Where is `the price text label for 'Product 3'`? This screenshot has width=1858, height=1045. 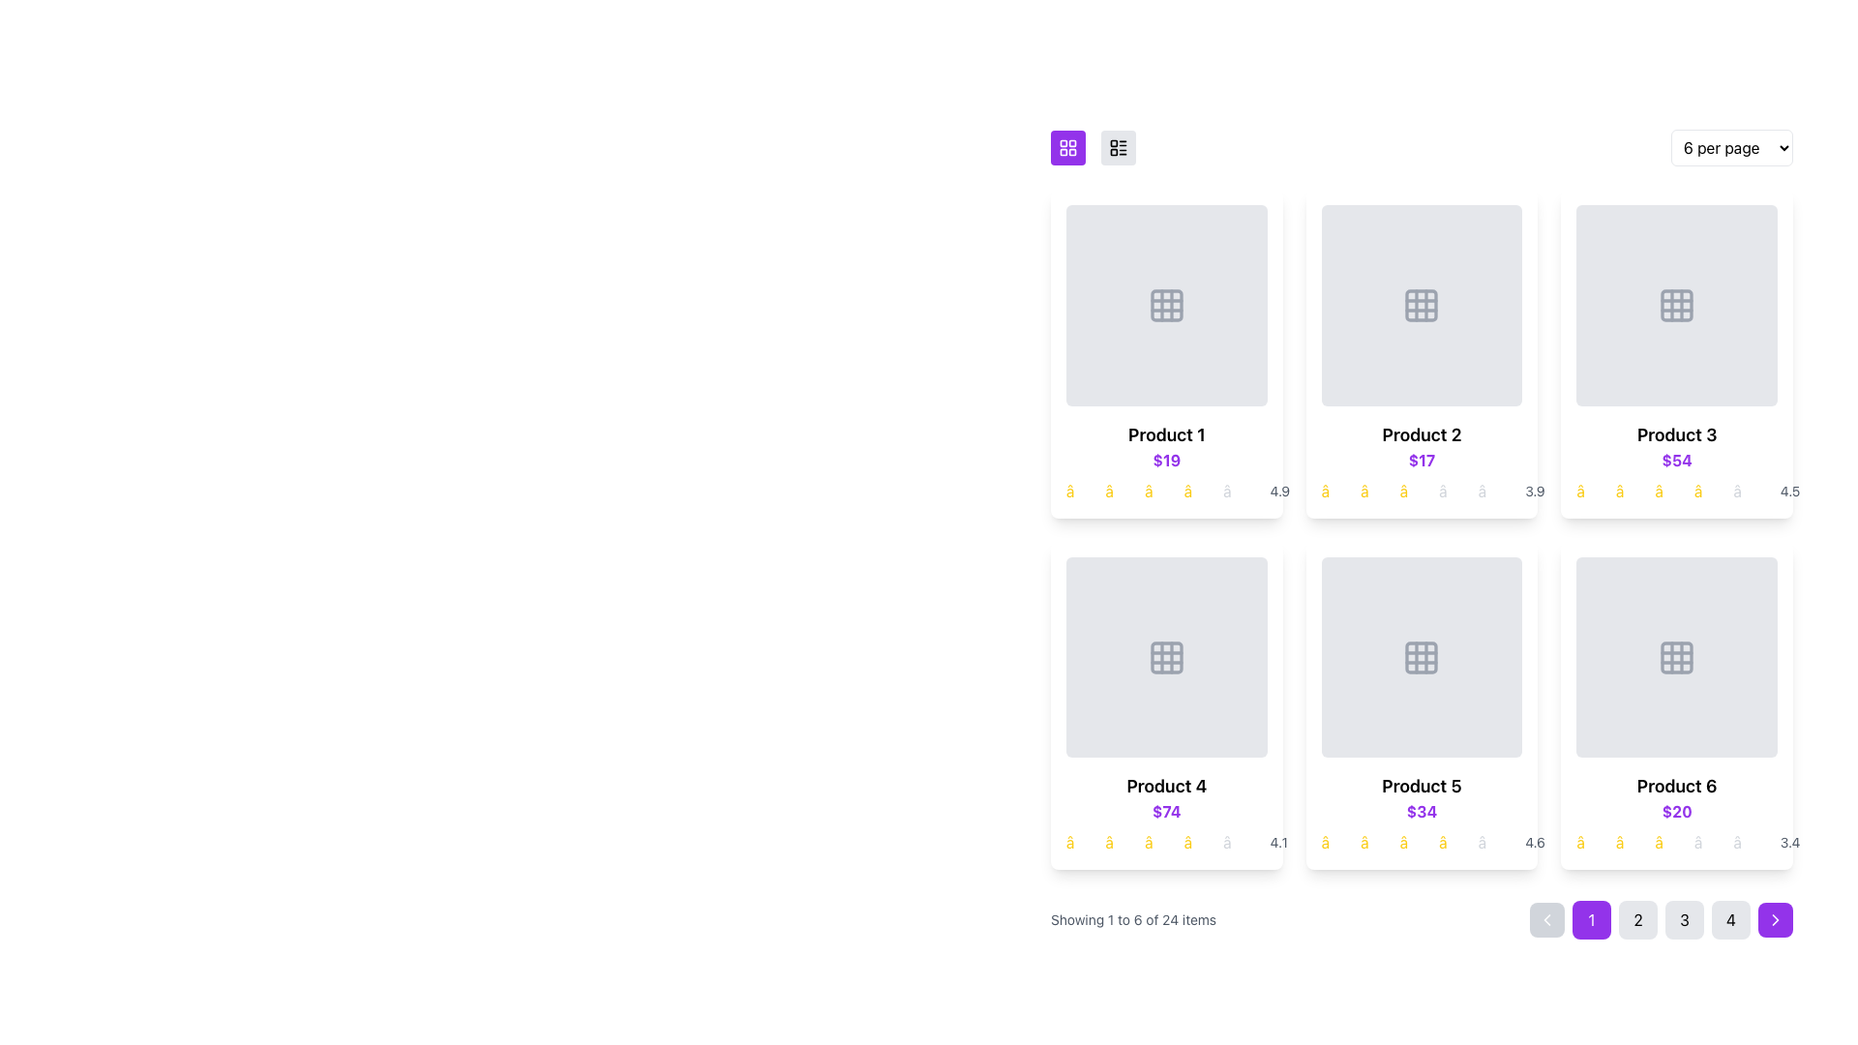
the price text label for 'Product 3' is located at coordinates (1676, 460).